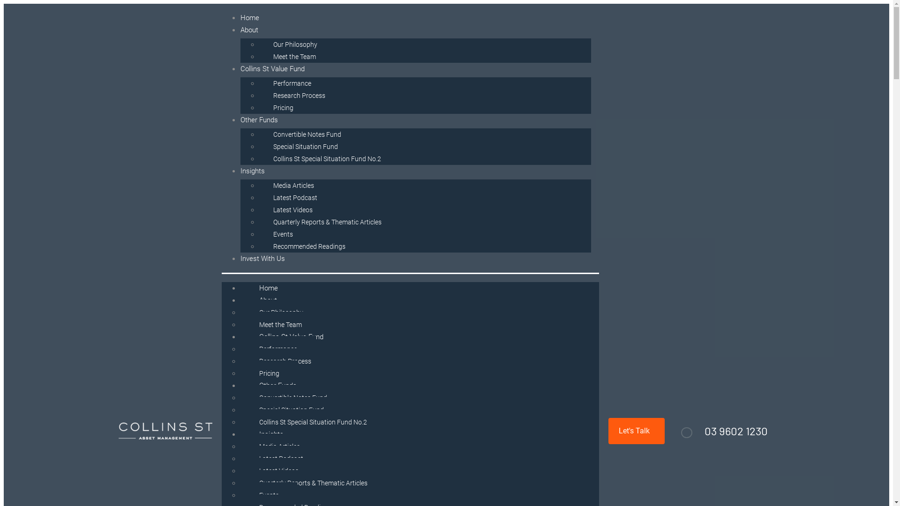  Describe the element at coordinates (282, 234) in the screenshot. I see `'Events'` at that location.